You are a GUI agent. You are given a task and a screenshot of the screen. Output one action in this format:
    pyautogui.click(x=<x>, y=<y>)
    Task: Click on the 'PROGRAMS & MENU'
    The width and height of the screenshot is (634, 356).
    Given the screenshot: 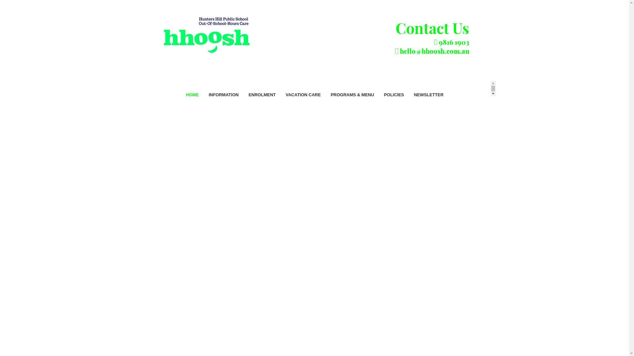 What is the action you would take?
    pyautogui.click(x=352, y=100)
    